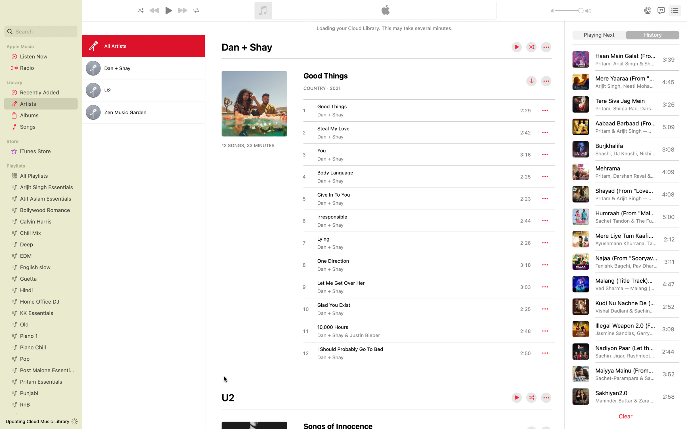 The height and width of the screenshot is (429, 687). I want to click on the track titled "One Direction, so click(416, 264).